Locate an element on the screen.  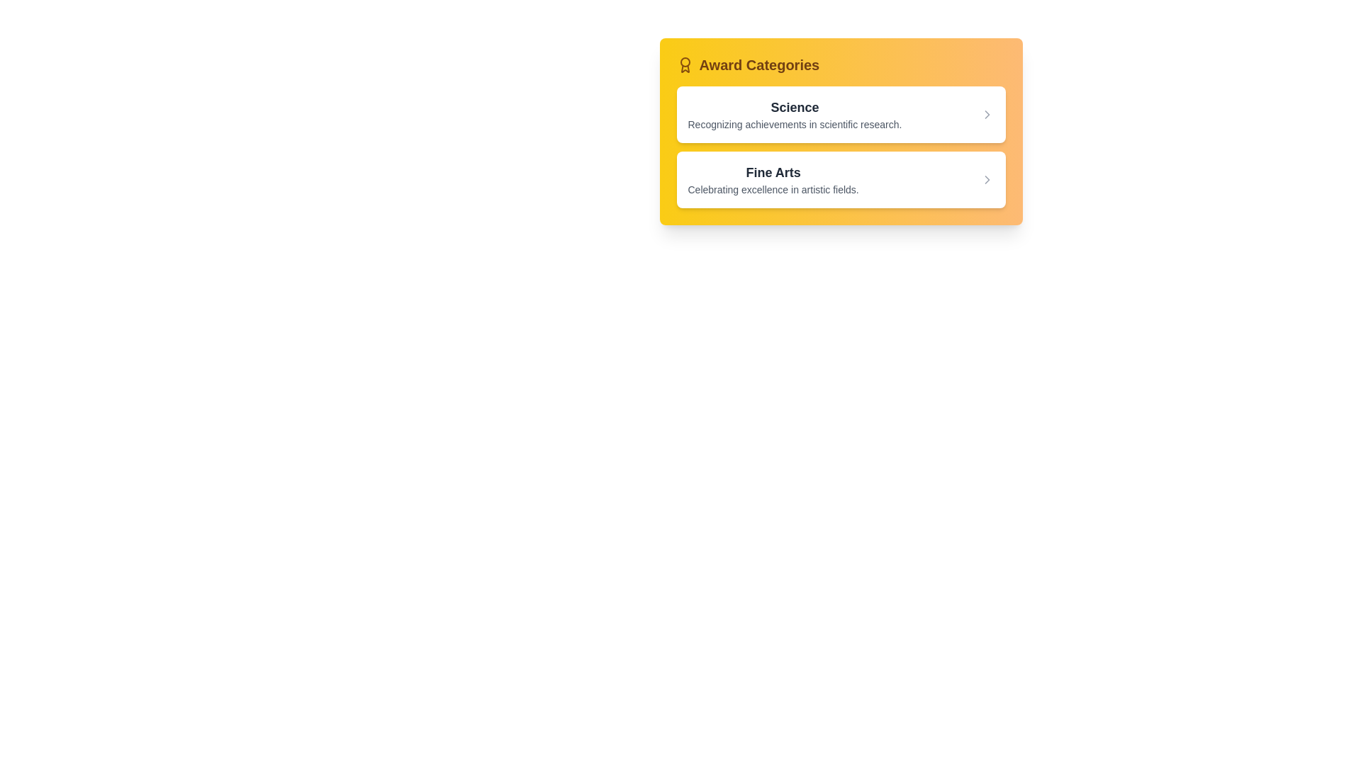
the interactive labeled item for the 'Science' category in the 'Award Categories' section is located at coordinates (795, 114).